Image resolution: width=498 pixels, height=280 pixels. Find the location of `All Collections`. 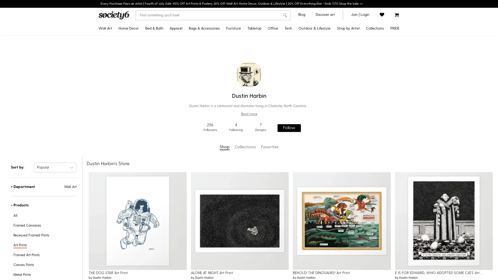

All Collections is located at coordinates (356, 150).